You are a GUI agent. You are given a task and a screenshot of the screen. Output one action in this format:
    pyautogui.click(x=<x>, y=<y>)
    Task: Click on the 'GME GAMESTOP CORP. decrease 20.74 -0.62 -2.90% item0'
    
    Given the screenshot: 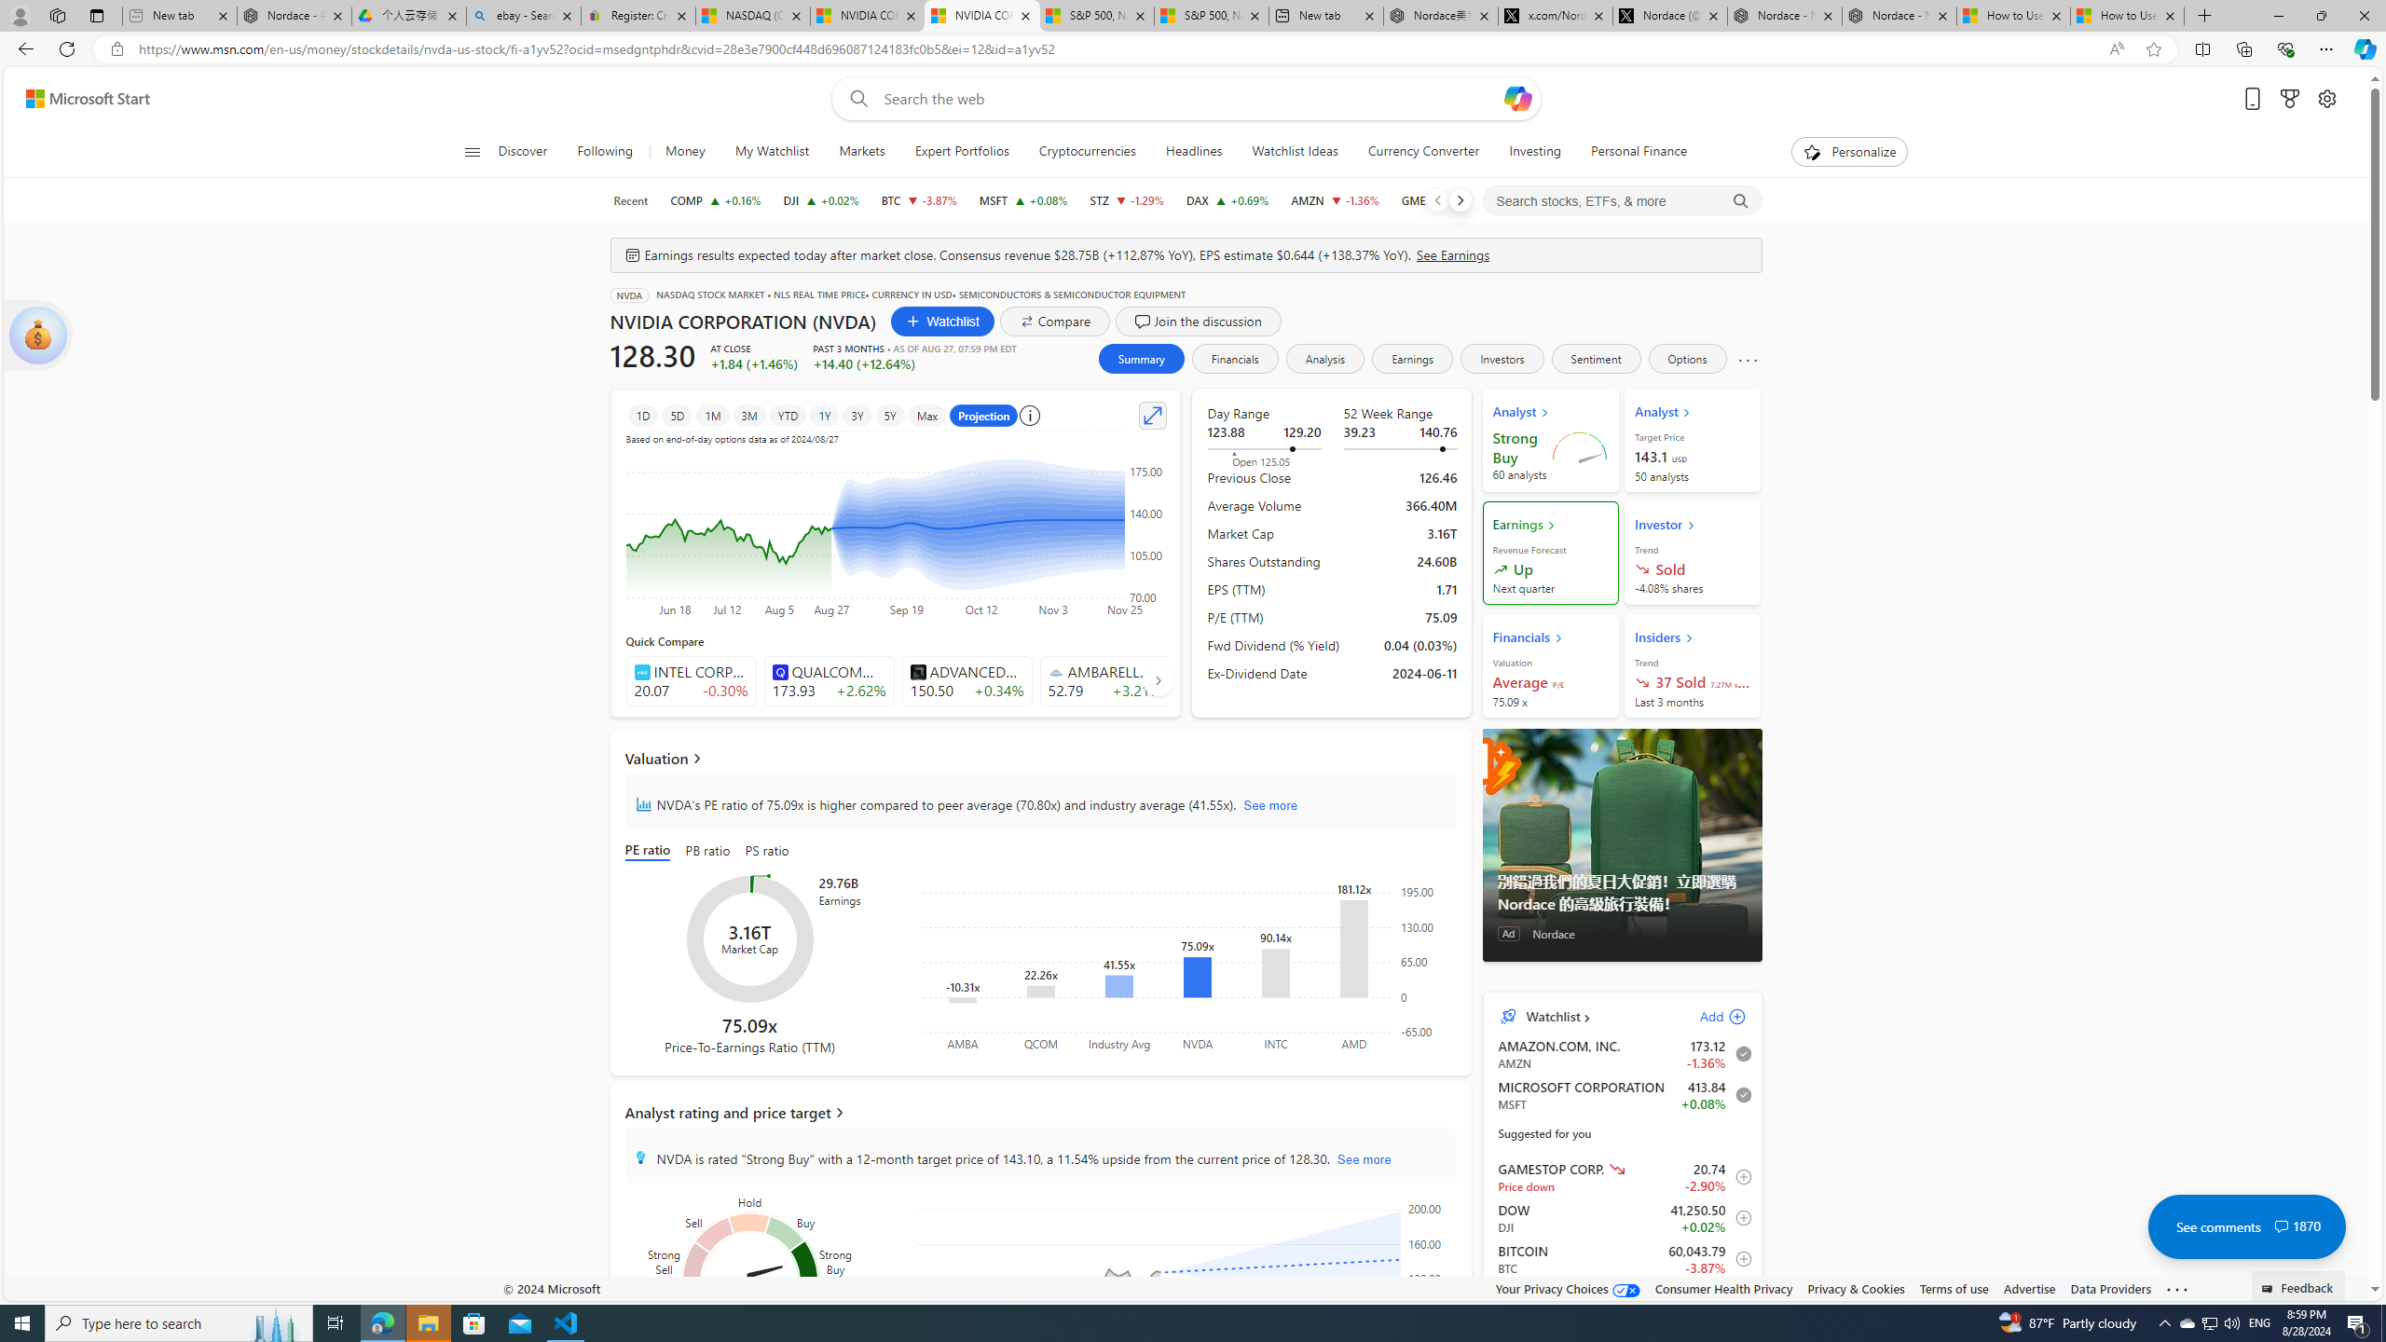 What is the action you would take?
    pyautogui.click(x=1622, y=1175)
    